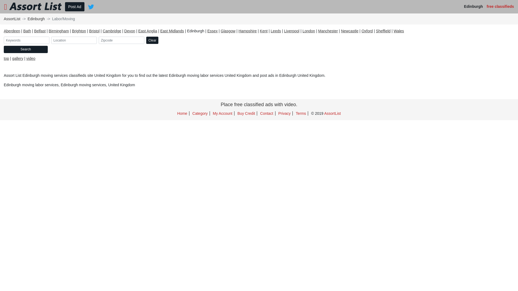  What do you see at coordinates (246, 113) in the screenshot?
I see `'Buy Credit'` at bounding box center [246, 113].